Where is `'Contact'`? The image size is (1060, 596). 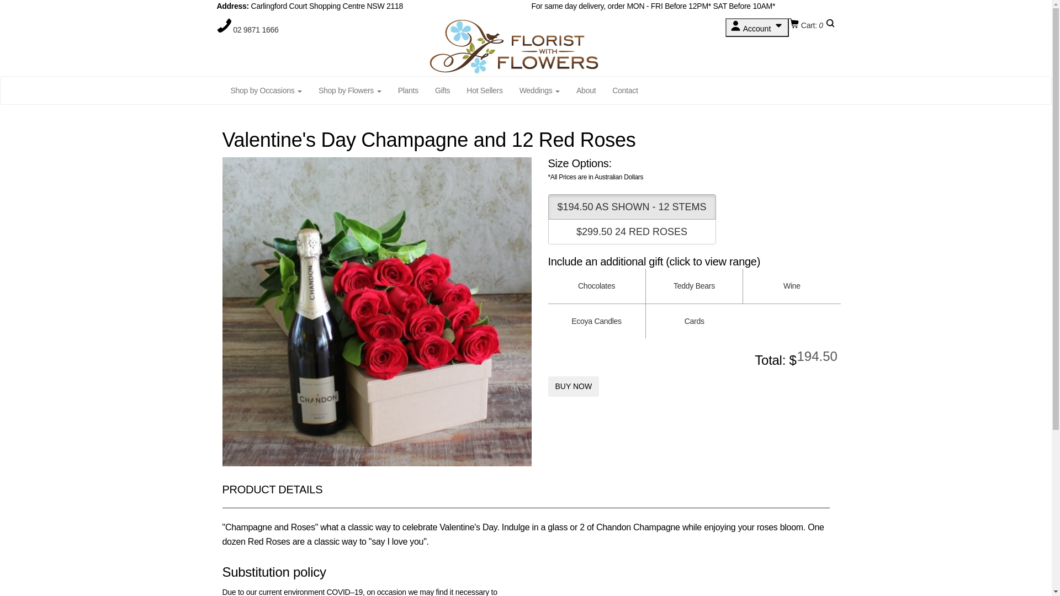
'Contact' is located at coordinates (603, 90).